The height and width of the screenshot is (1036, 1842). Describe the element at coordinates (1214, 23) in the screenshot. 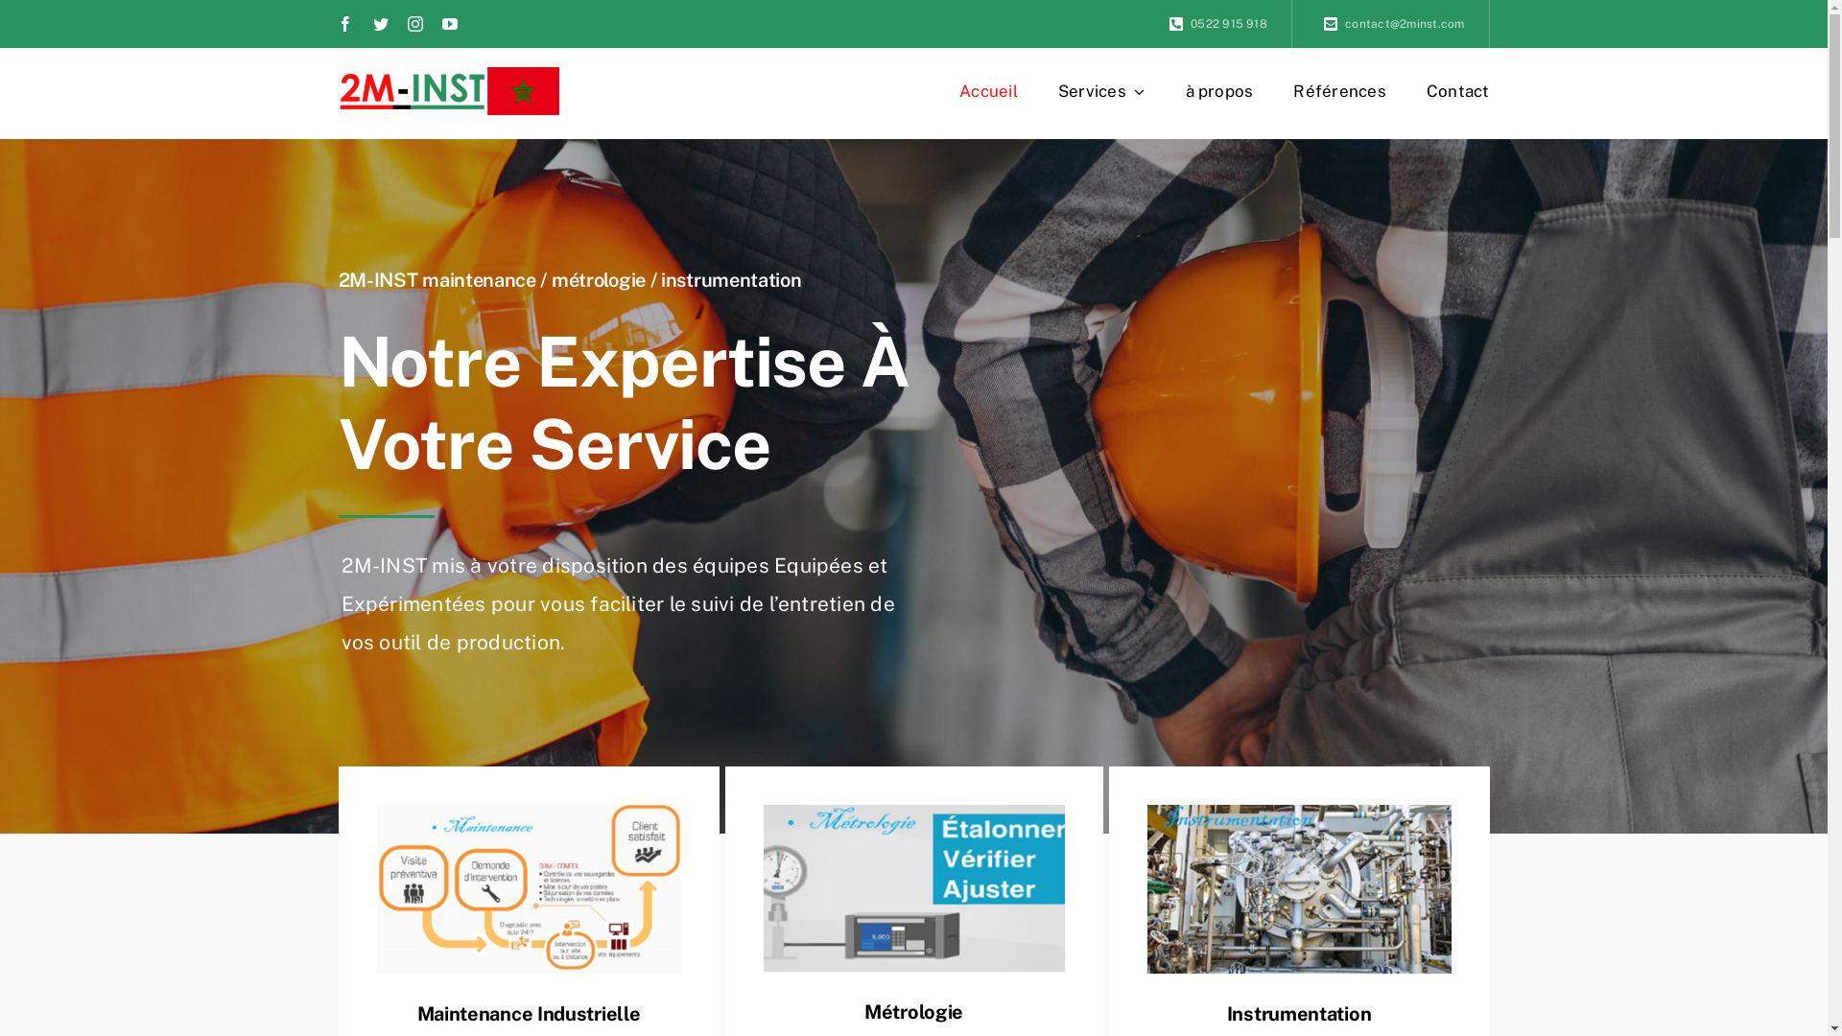

I see `'0522 915 918'` at that location.